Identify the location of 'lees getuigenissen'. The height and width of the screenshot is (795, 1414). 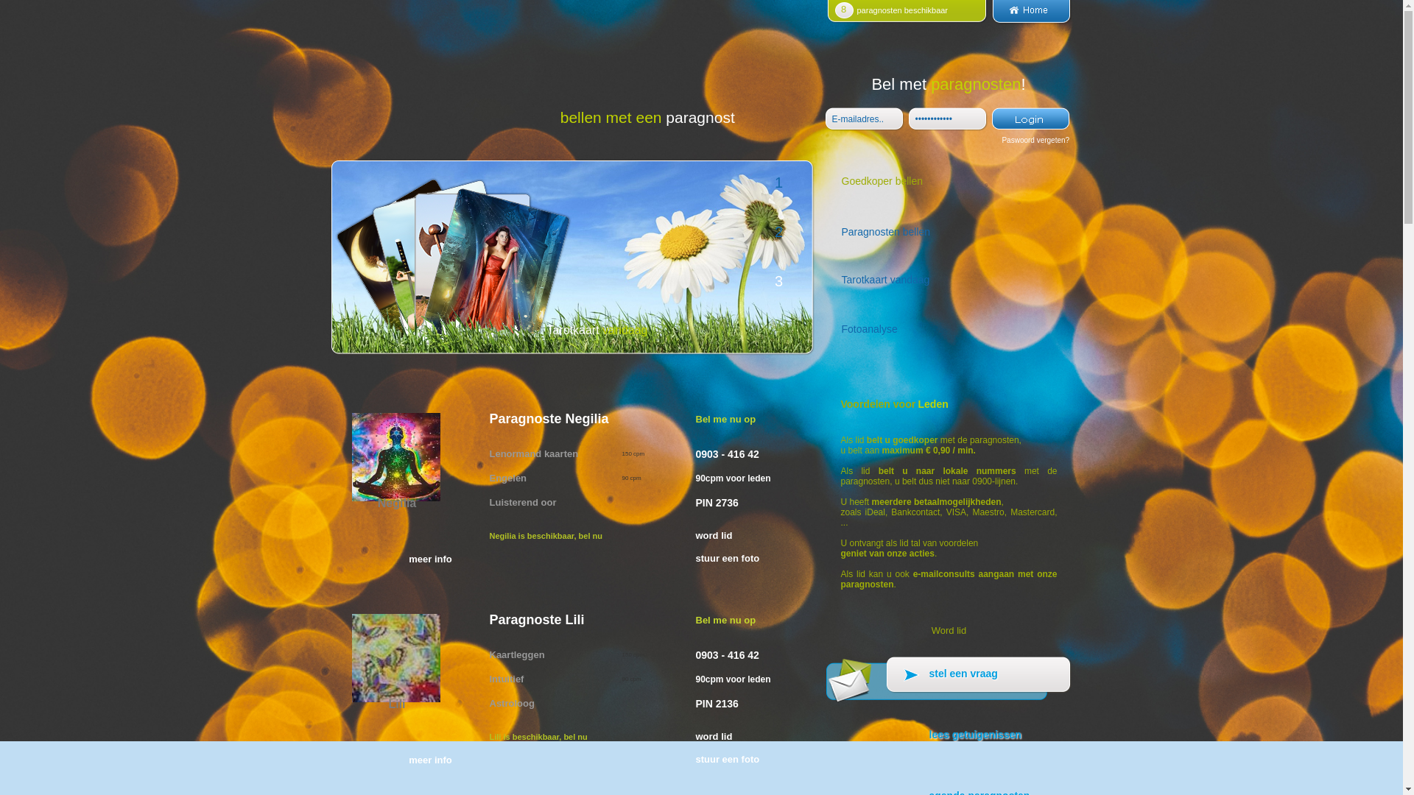
(949, 742).